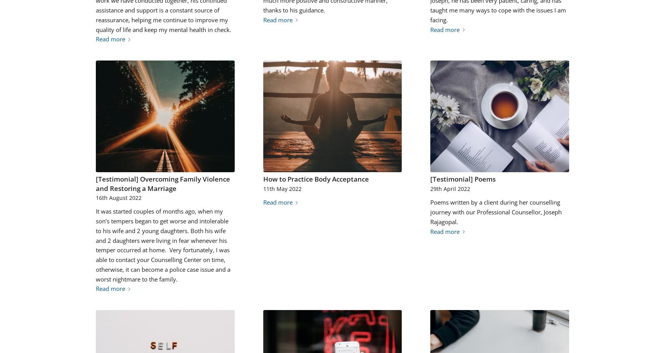 Image resolution: width=665 pixels, height=353 pixels. Describe the element at coordinates (496, 212) in the screenshot. I see `'Poems written by a client during her counselling journey with our Professional Counsellor, Joseph Rajagopal.'` at that location.